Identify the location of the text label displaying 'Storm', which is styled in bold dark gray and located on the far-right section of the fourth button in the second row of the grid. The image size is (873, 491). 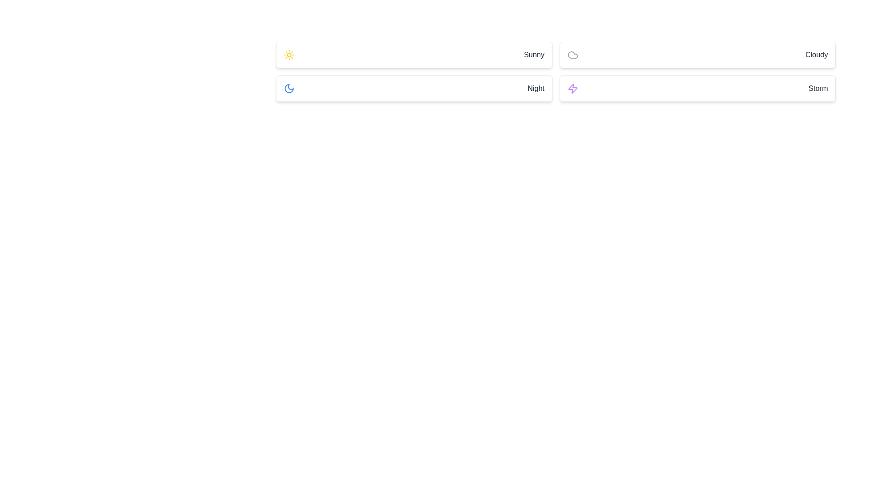
(818, 89).